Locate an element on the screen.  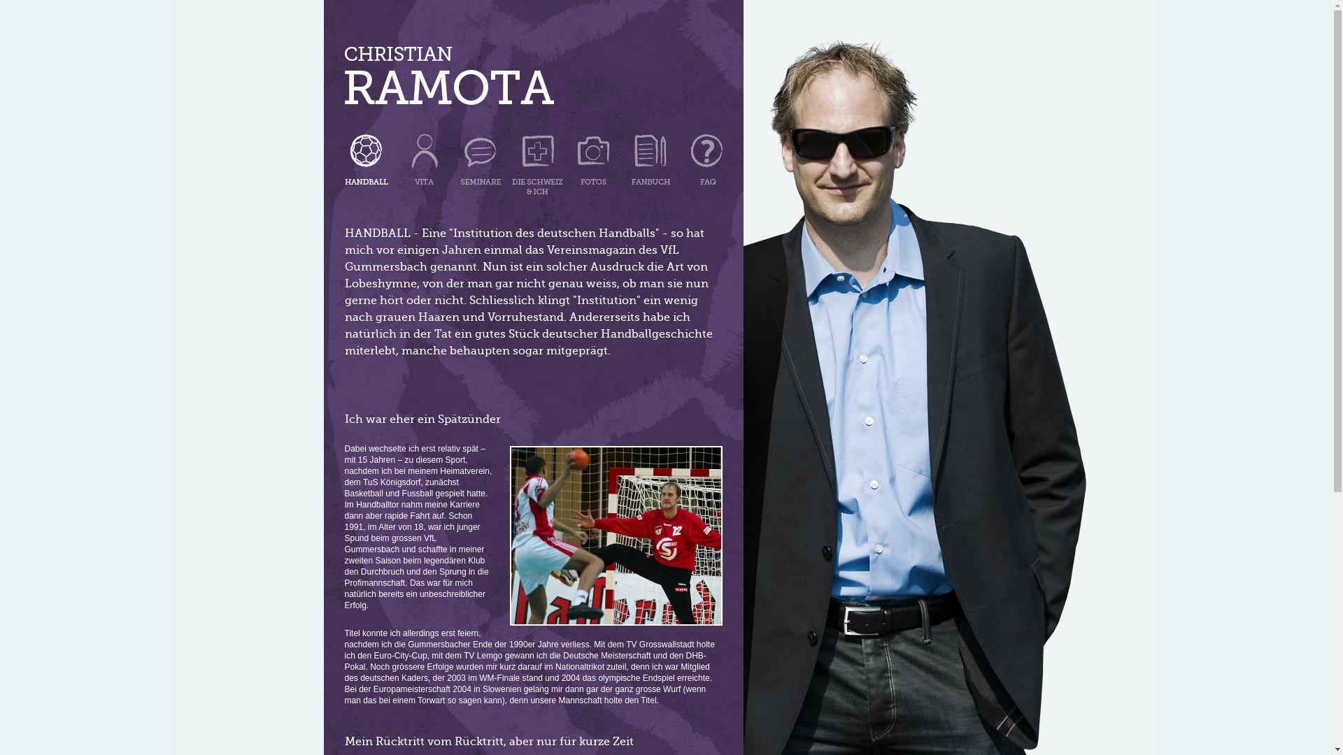
' ' is located at coordinates (537, 155).